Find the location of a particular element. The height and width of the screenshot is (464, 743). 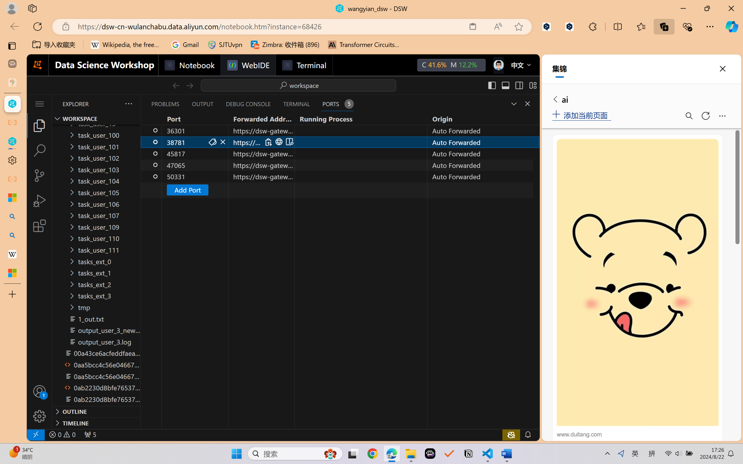

'Transformer Circuits Thread' is located at coordinates (364, 44).